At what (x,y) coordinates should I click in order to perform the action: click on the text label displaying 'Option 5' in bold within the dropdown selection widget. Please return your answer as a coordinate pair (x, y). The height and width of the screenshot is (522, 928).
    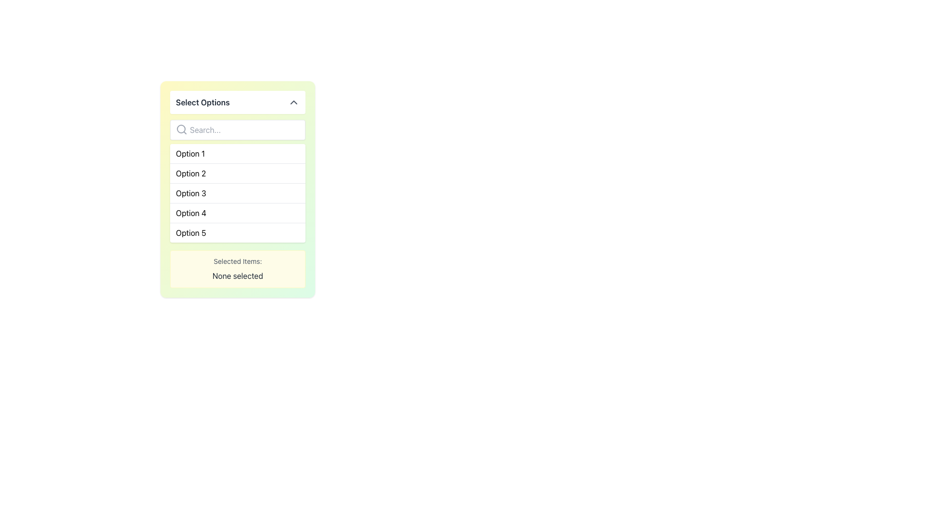
    Looking at the image, I should click on (191, 233).